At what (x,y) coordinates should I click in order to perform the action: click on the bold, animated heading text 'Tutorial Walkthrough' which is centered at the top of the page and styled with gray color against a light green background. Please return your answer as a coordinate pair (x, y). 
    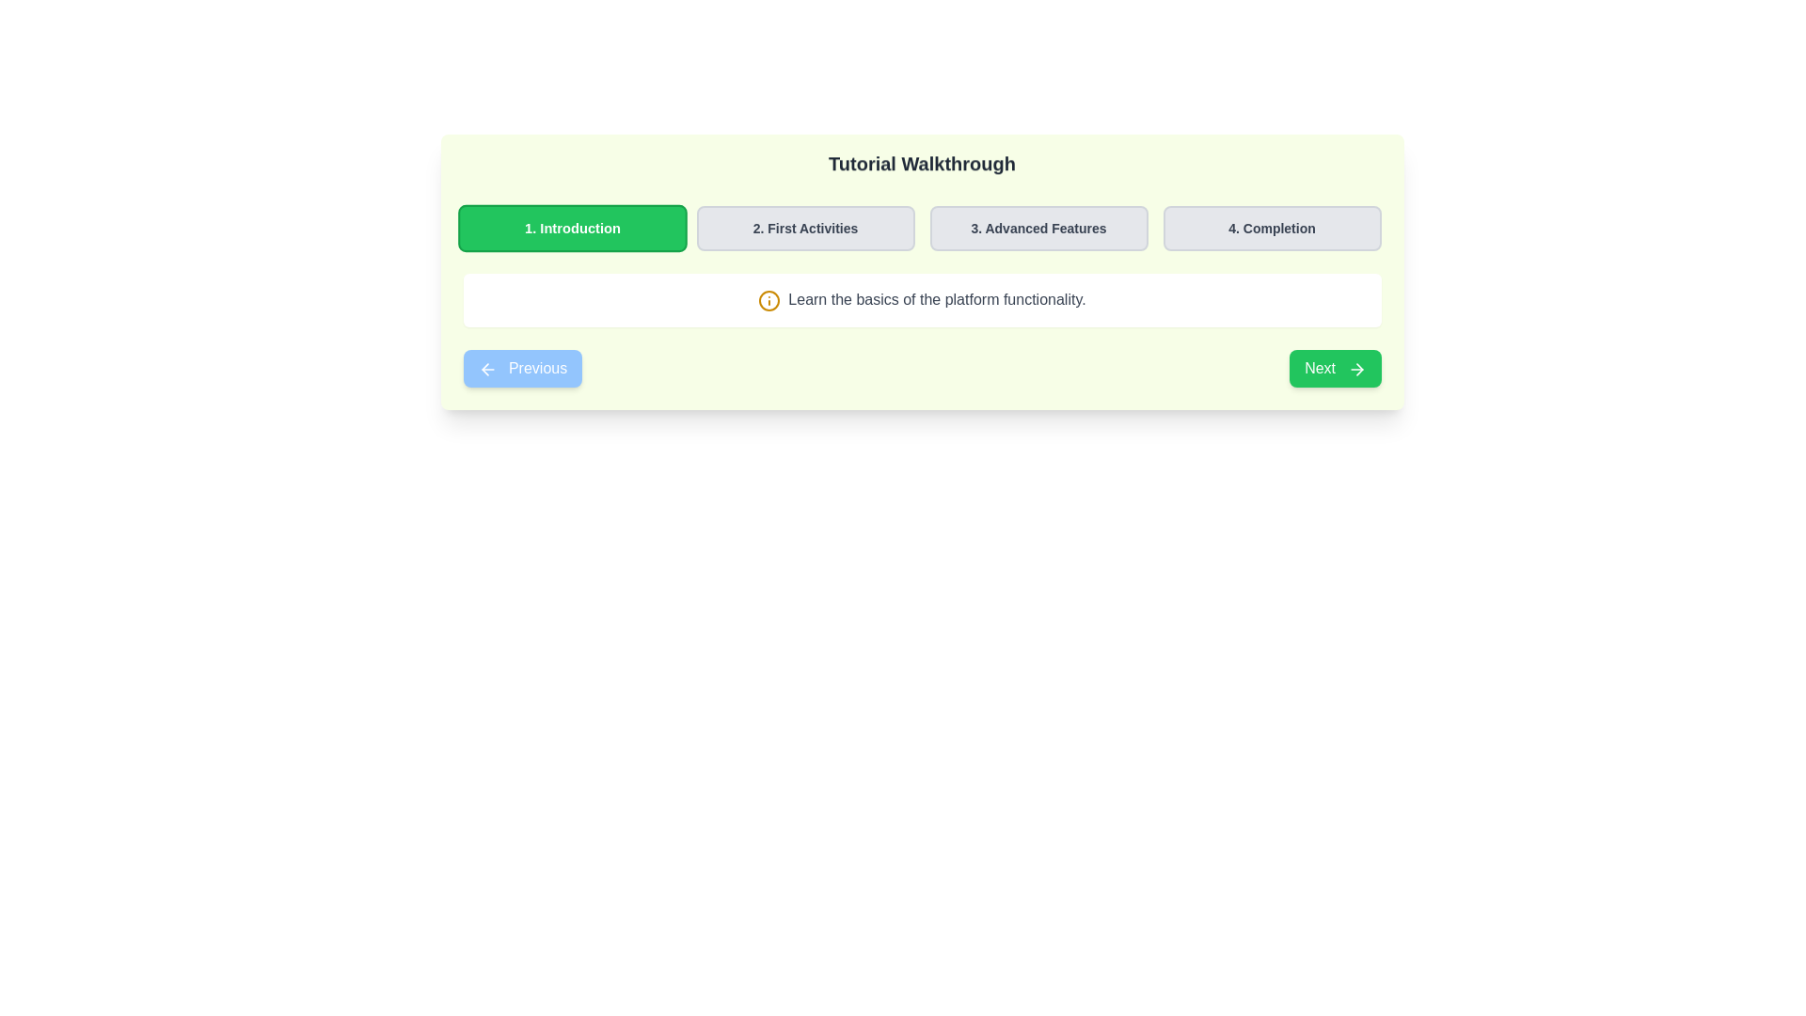
    Looking at the image, I should click on (922, 167).